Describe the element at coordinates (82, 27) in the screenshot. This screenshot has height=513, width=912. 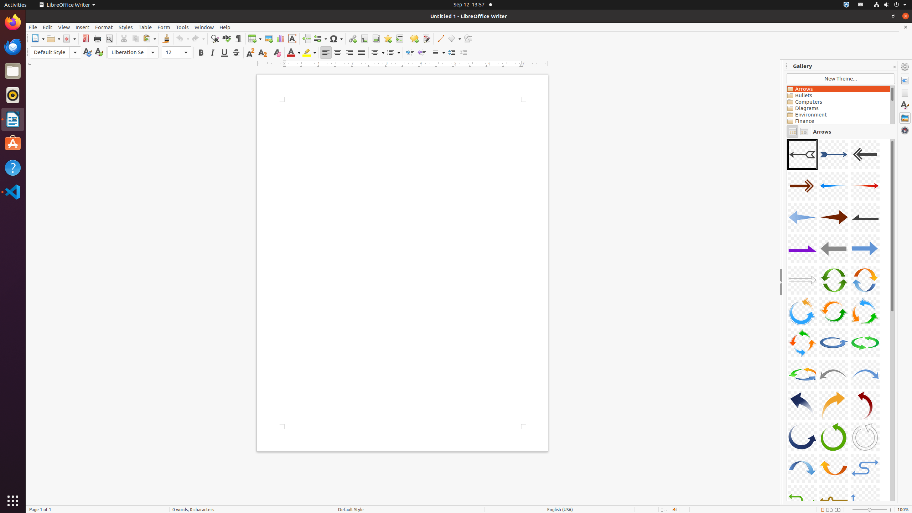
I see `'Insert'` at that location.